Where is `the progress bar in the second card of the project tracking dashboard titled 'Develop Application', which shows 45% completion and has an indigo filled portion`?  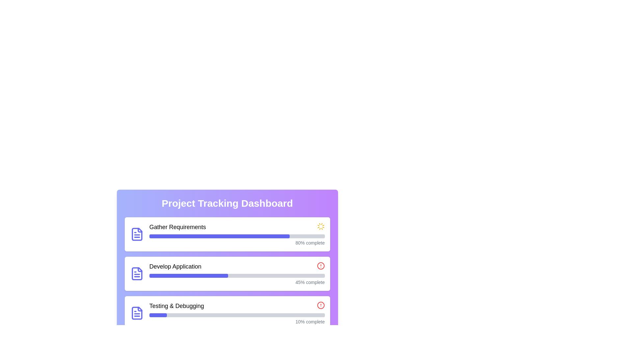
the progress bar in the second card of the project tracking dashboard titled 'Develop Application', which shows 45% completion and has an indigo filled portion is located at coordinates (237, 276).